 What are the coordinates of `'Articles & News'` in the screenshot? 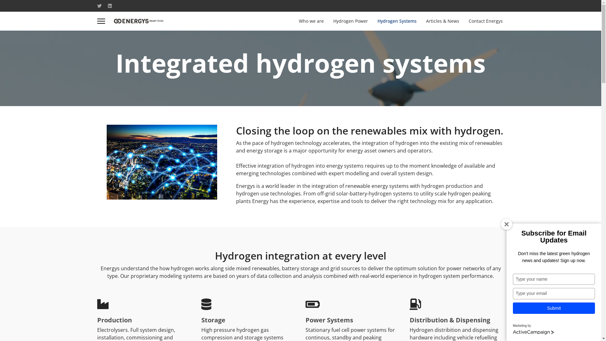 It's located at (421, 21).